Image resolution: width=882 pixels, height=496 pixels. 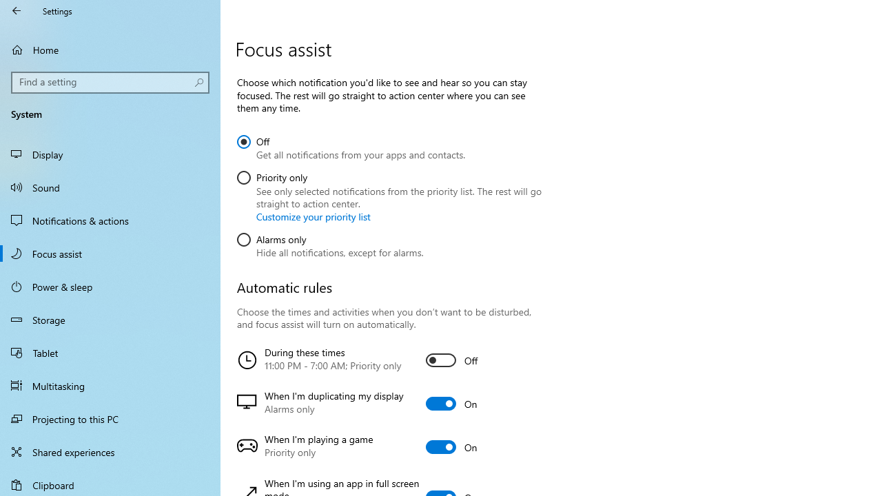 What do you see at coordinates (110, 418) in the screenshot?
I see `'Projecting to this PC'` at bounding box center [110, 418].